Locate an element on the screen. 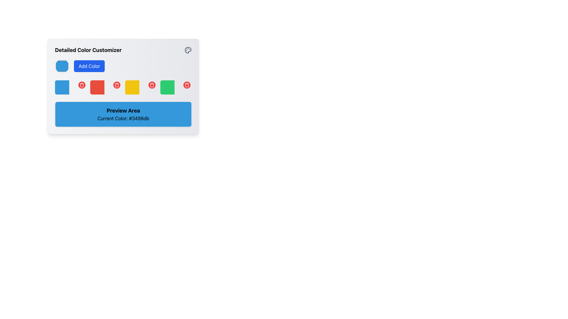 This screenshot has height=319, width=568. the red circular delete button with a trash can icon located to the right of the green square color box is located at coordinates (187, 85).